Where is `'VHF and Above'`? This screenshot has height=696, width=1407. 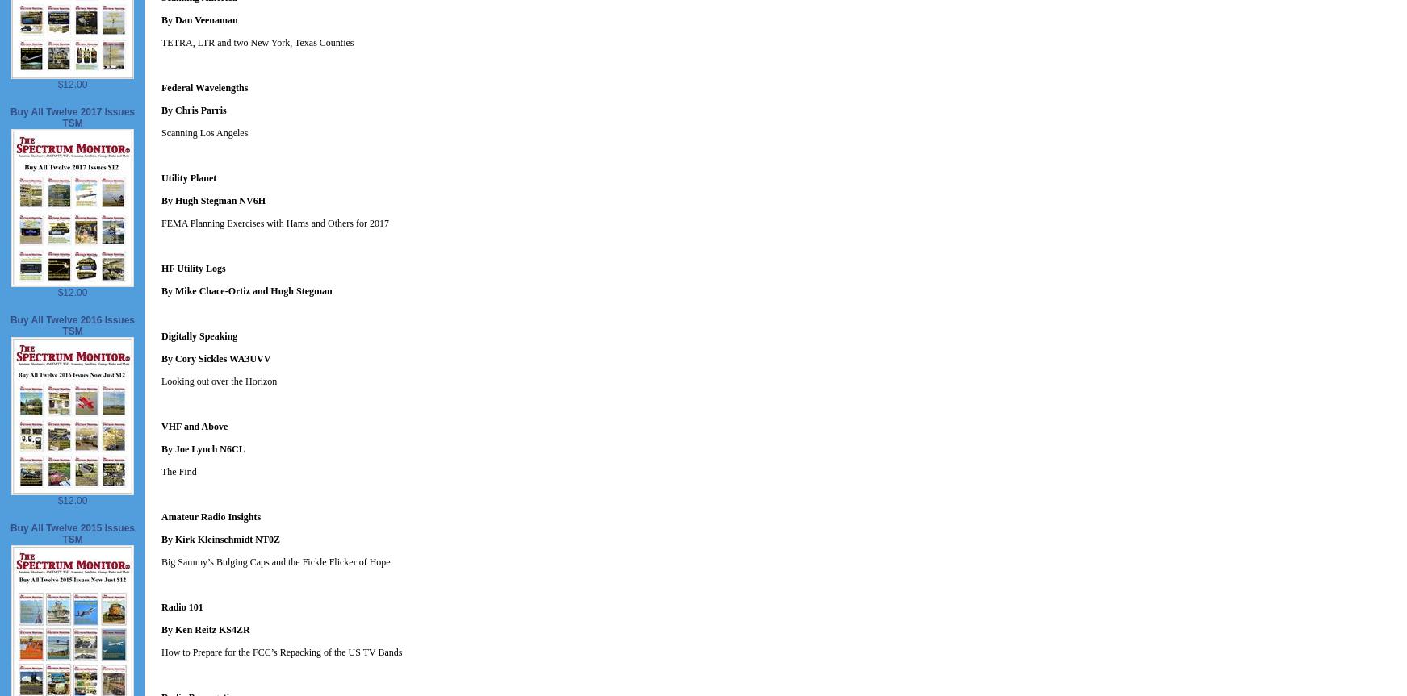
'VHF and Above' is located at coordinates (195, 427).